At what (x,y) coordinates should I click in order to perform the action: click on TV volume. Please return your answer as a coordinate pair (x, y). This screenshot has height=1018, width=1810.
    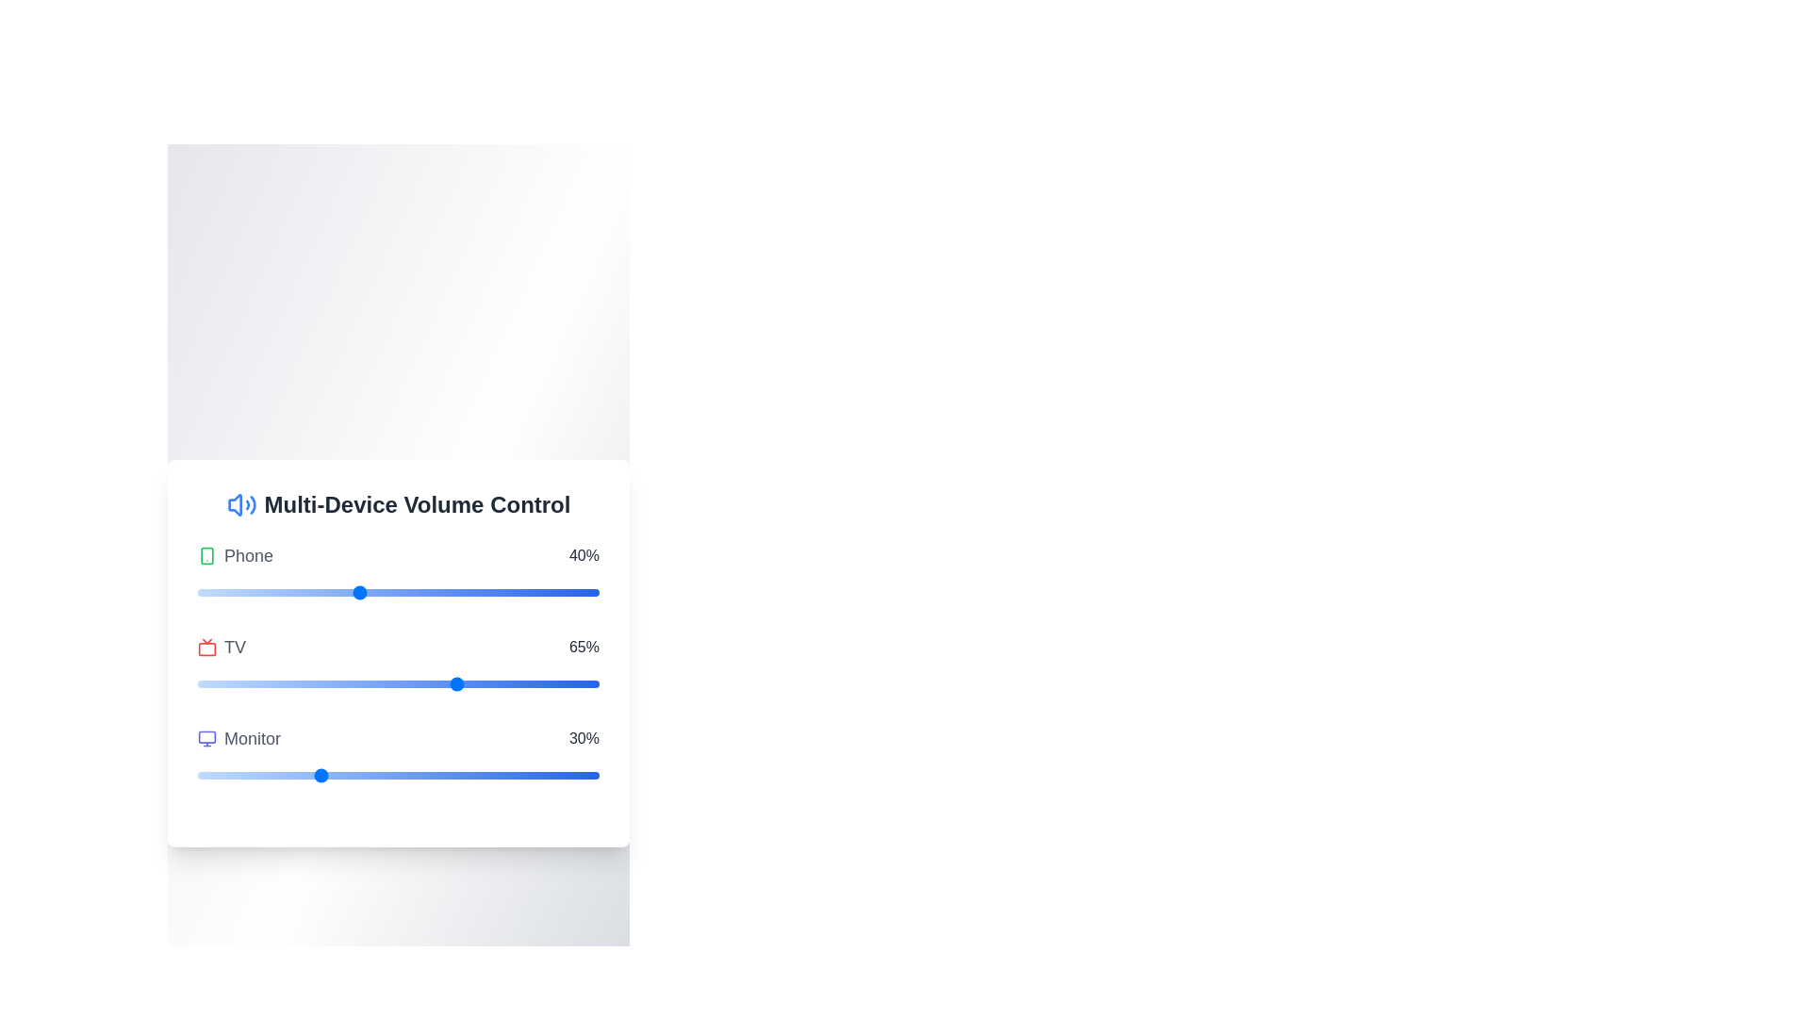
    Looking at the image, I should click on (450, 683).